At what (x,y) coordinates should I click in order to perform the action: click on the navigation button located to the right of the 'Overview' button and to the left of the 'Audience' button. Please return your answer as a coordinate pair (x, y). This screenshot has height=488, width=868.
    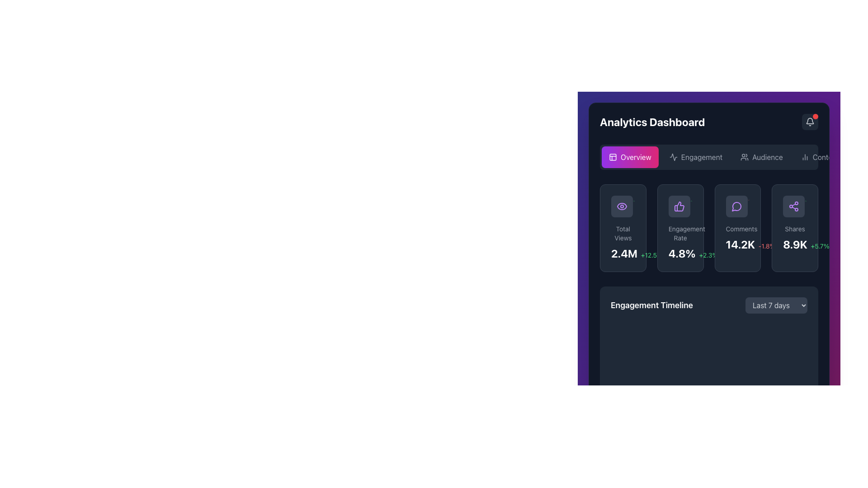
    Looking at the image, I should click on (695, 156).